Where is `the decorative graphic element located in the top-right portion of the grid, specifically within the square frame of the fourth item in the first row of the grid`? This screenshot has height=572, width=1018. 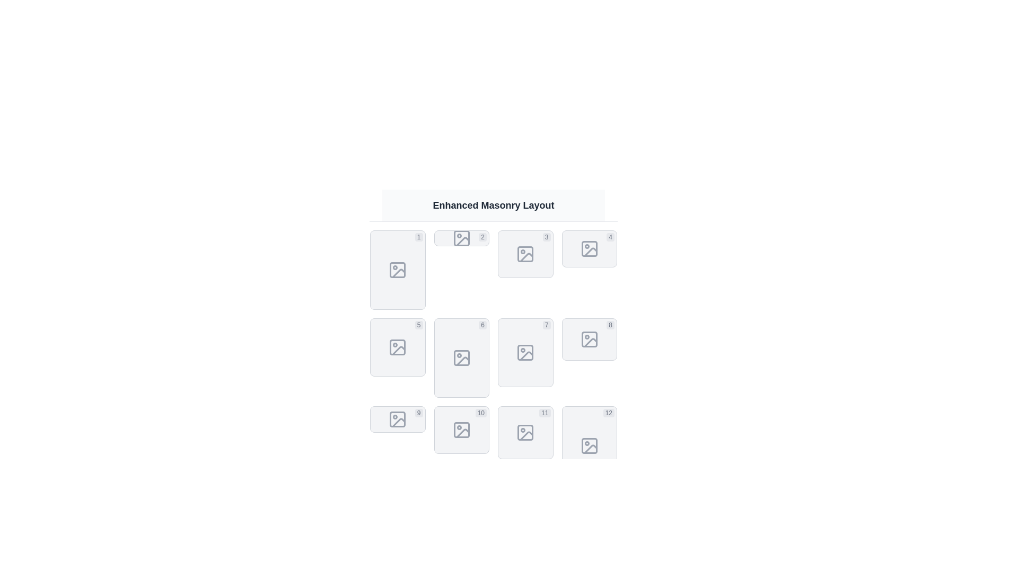 the decorative graphic element located in the top-right portion of the grid, specifically within the square frame of the fourth item in the first row of the grid is located at coordinates (589, 249).